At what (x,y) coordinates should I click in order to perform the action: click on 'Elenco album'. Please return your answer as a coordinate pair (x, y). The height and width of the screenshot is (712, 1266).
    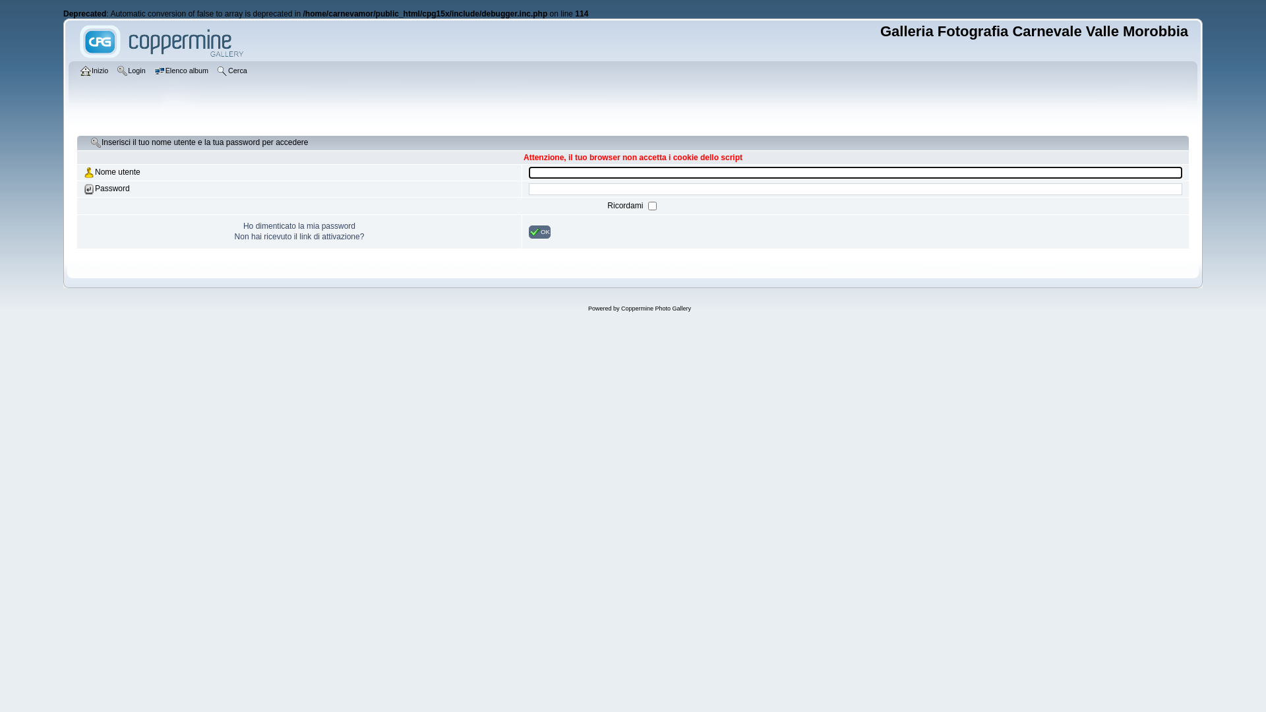
    Looking at the image, I should click on (182, 71).